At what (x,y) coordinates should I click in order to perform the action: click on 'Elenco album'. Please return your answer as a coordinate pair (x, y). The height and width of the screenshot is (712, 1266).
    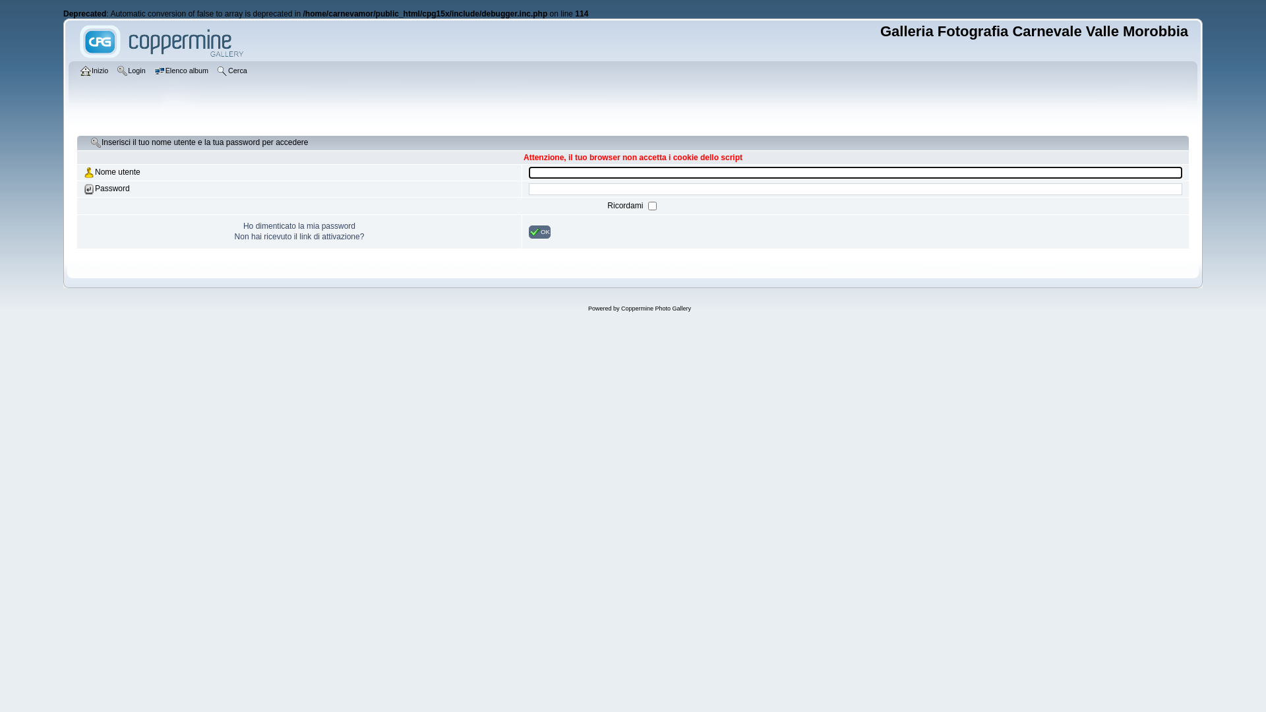
    Looking at the image, I should click on (182, 71).